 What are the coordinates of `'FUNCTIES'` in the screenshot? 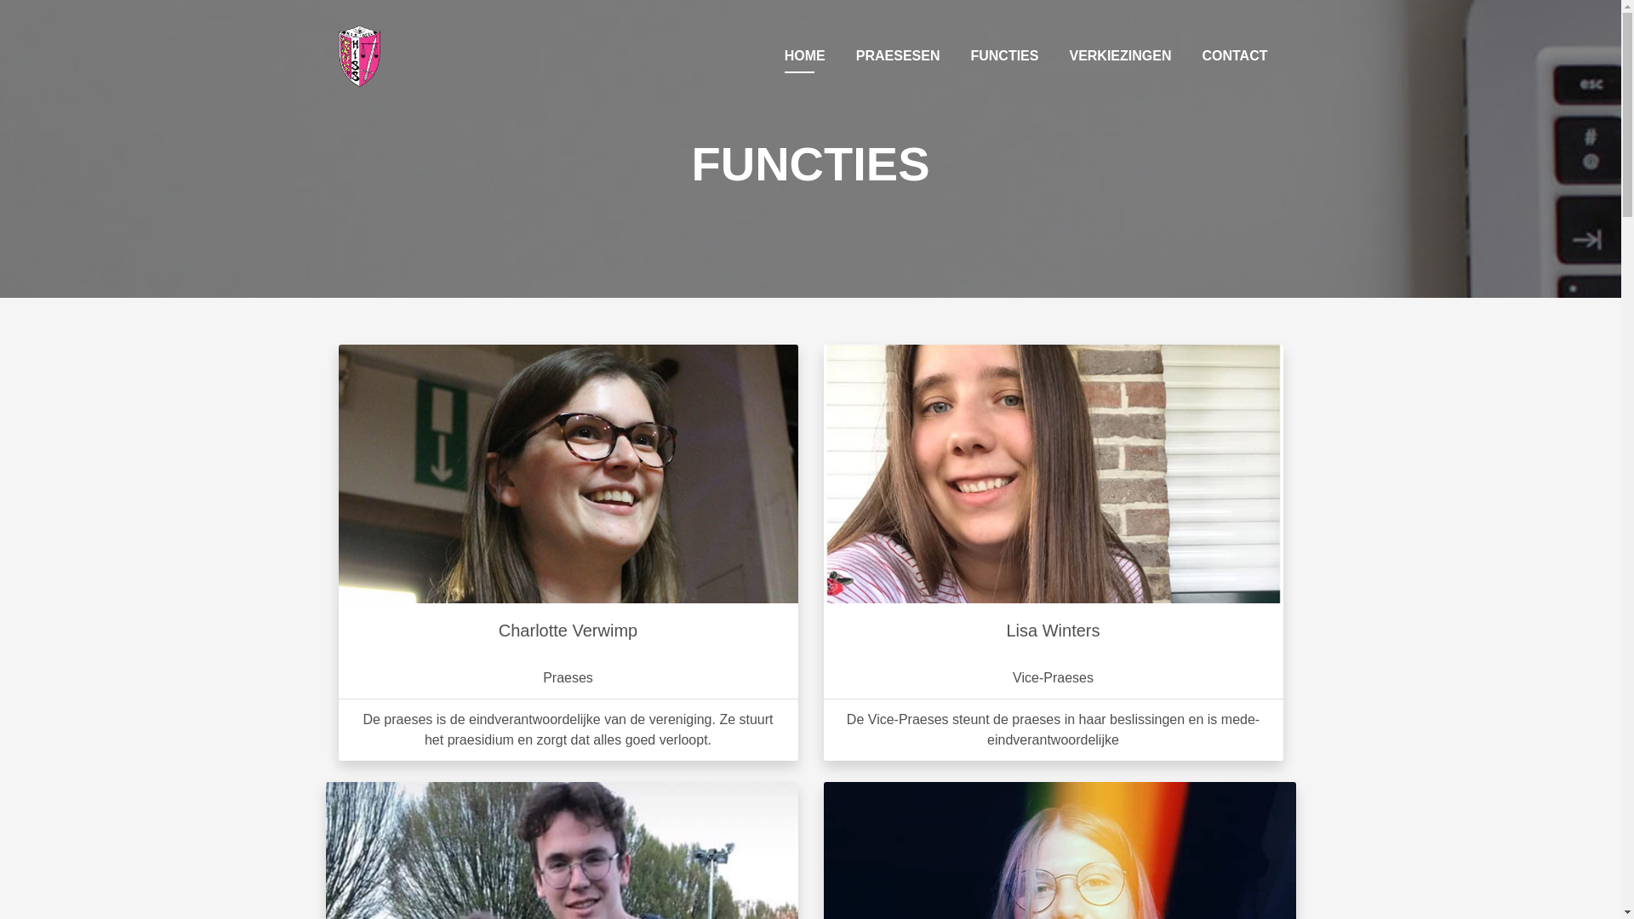 It's located at (963, 54).